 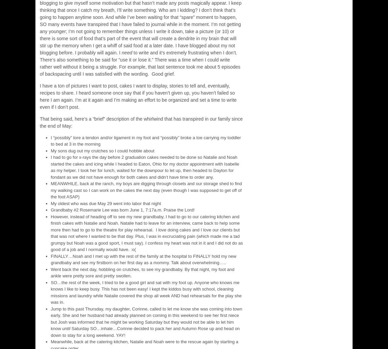 I want to click on 'However, instead of heading off to see my new grandbaby, I had to go to our catering kitchen and finish cakes with Natalie and Noah. Natalie had to leave for an interview, came back to help some more then had to go to the theatre for play rehearsal.  I love doing cakes and I love our clients but that was not where I wanted to be that day. Plus, I was in excruciating pain (which made me a tad grumpy but Noah was a good sport, I must say). I confess my heart was not in it and I did not do as good of a job and I normally would have. :o(', so click(x=146, y=233).